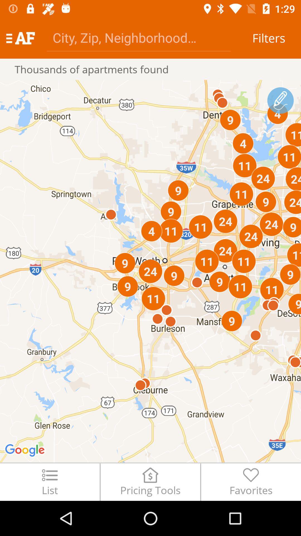 The width and height of the screenshot is (301, 536). Describe the element at coordinates (138, 37) in the screenshot. I see `type in city/zip/neighborhood information` at that location.